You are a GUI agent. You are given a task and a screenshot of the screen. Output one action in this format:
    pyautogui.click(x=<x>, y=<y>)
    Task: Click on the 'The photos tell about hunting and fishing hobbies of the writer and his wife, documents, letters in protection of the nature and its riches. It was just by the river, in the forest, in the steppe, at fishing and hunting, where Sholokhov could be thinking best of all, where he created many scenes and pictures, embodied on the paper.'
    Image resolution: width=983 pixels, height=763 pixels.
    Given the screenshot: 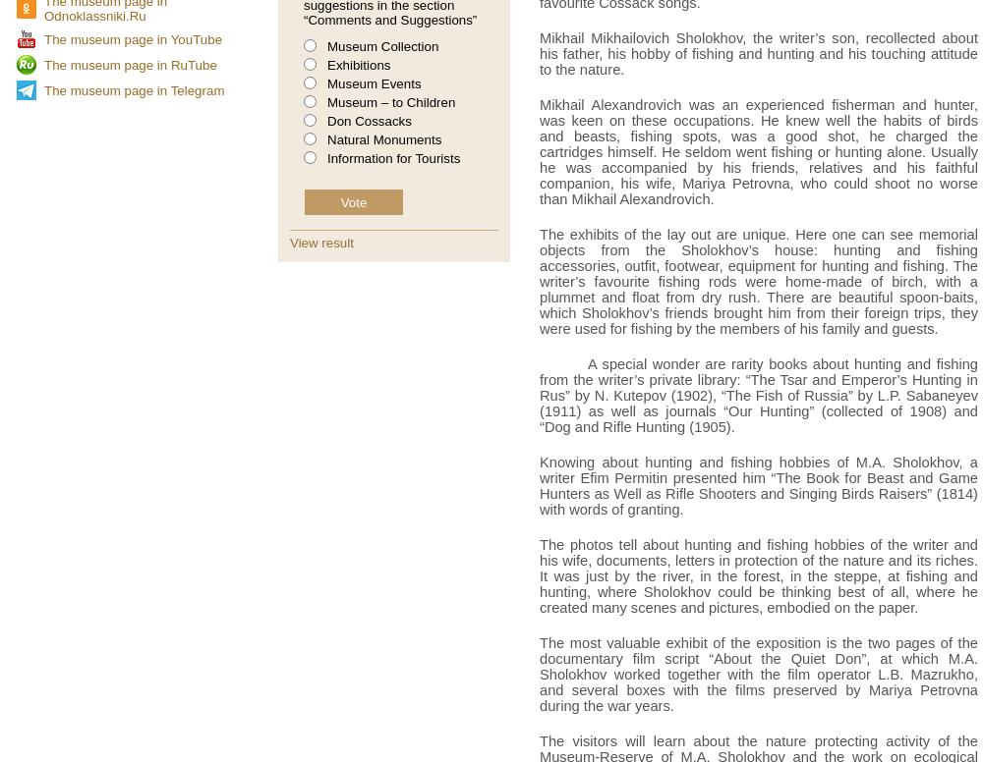 What is the action you would take?
    pyautogui.click(x=759, y=576)
    